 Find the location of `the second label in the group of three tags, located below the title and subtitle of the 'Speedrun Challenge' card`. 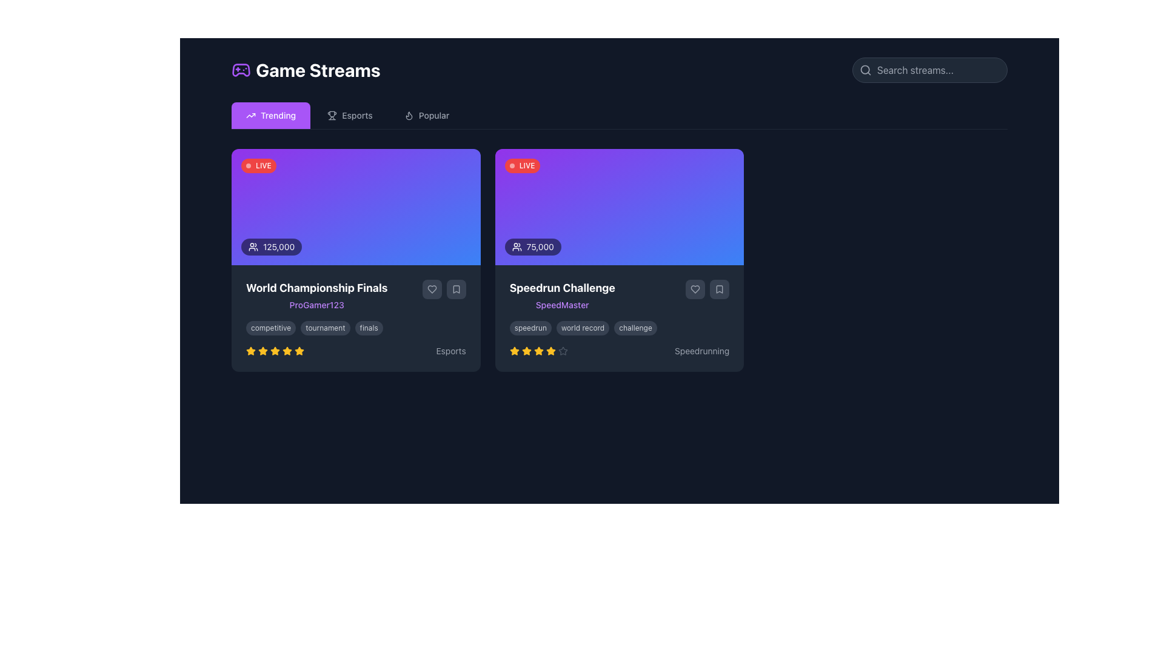

the second label in the group of three tags, located below the title and subtitle of the 'Speedrun Challenge' card is located at coordinates (583, 328).